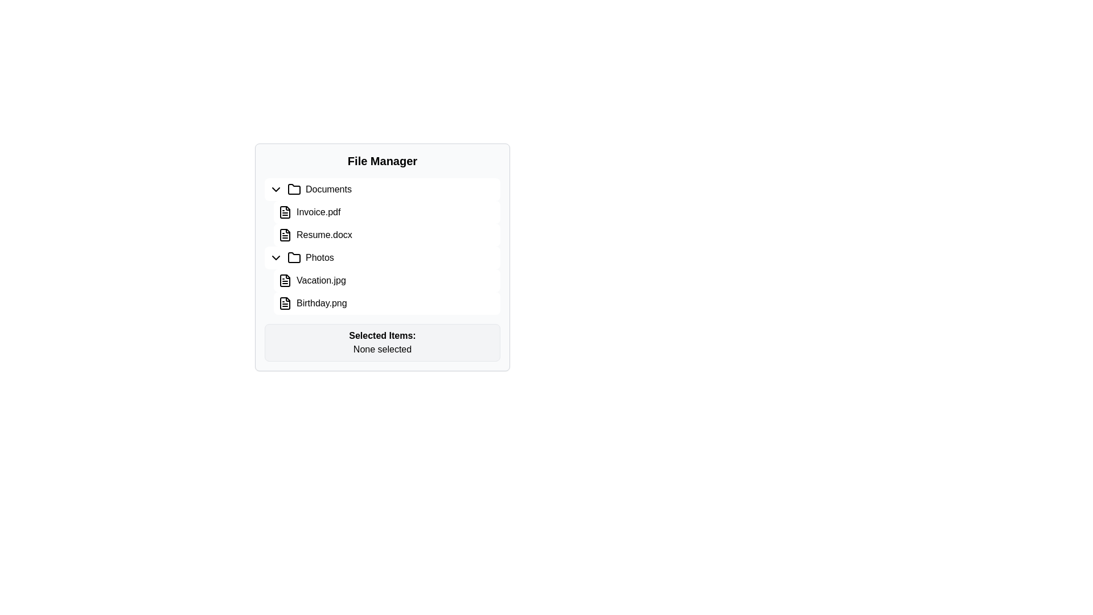  Describe the element at coordinates (318, 212) in the screenshot. I see `the text label representing the file 'Invoice.pdf' in the file management interface` at that location.